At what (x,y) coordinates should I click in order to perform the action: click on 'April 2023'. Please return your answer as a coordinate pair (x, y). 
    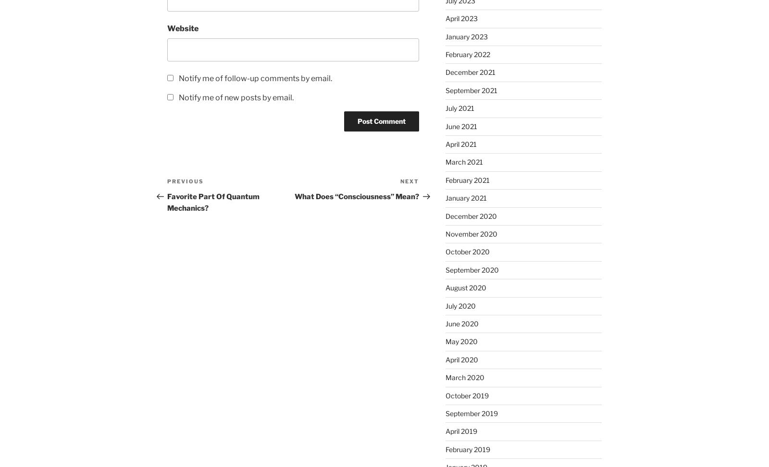
    Looking at the image, I should click on (460, 18).